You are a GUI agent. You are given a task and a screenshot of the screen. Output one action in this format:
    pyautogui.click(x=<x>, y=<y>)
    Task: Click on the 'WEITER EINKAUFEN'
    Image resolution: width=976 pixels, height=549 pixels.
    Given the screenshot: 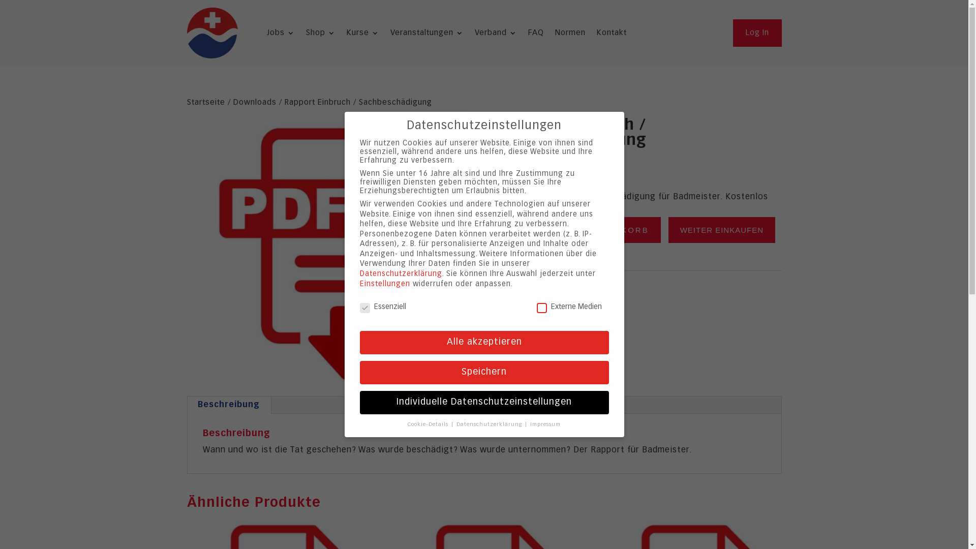 What is the action you would take?
    pyautogui.click(x=668, y=230)
    